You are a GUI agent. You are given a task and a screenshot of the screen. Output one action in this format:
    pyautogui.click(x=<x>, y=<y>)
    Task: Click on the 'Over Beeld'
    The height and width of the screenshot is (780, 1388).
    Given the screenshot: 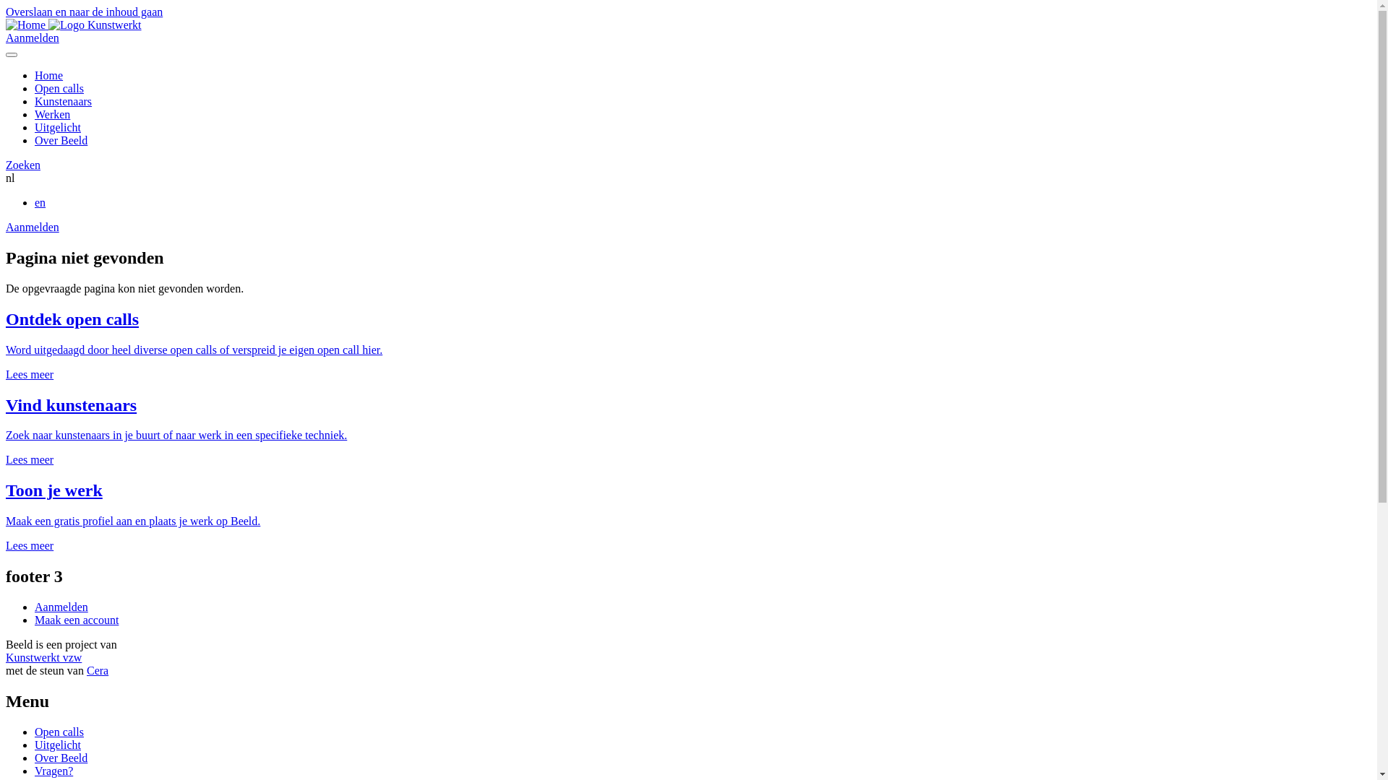 What is the action you would take?
    pyautogui.click(x=60, y=757)
    